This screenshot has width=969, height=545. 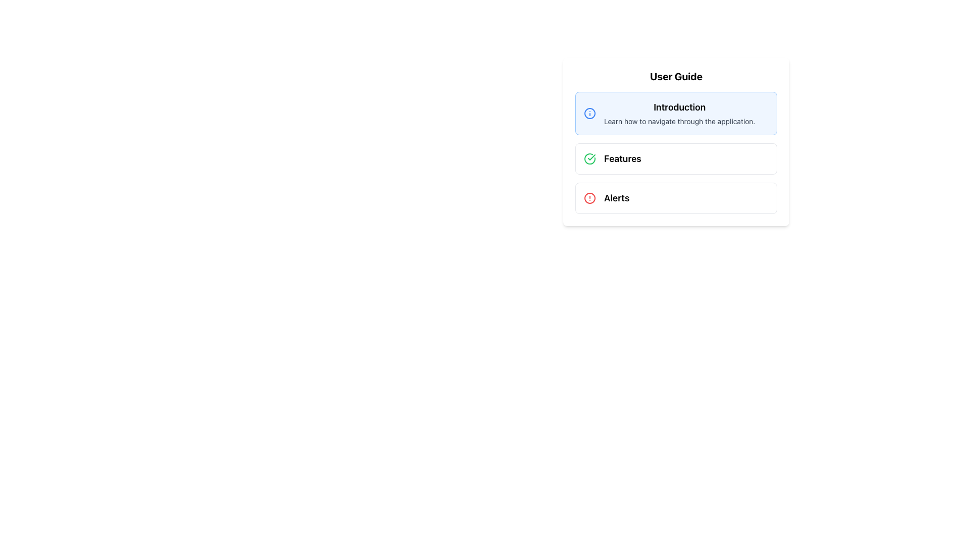 I want to click on the Text label that serves as the title or heading for the section located under the 'User Guide' title and above the 'Features' section, so click(x=679, y=107).